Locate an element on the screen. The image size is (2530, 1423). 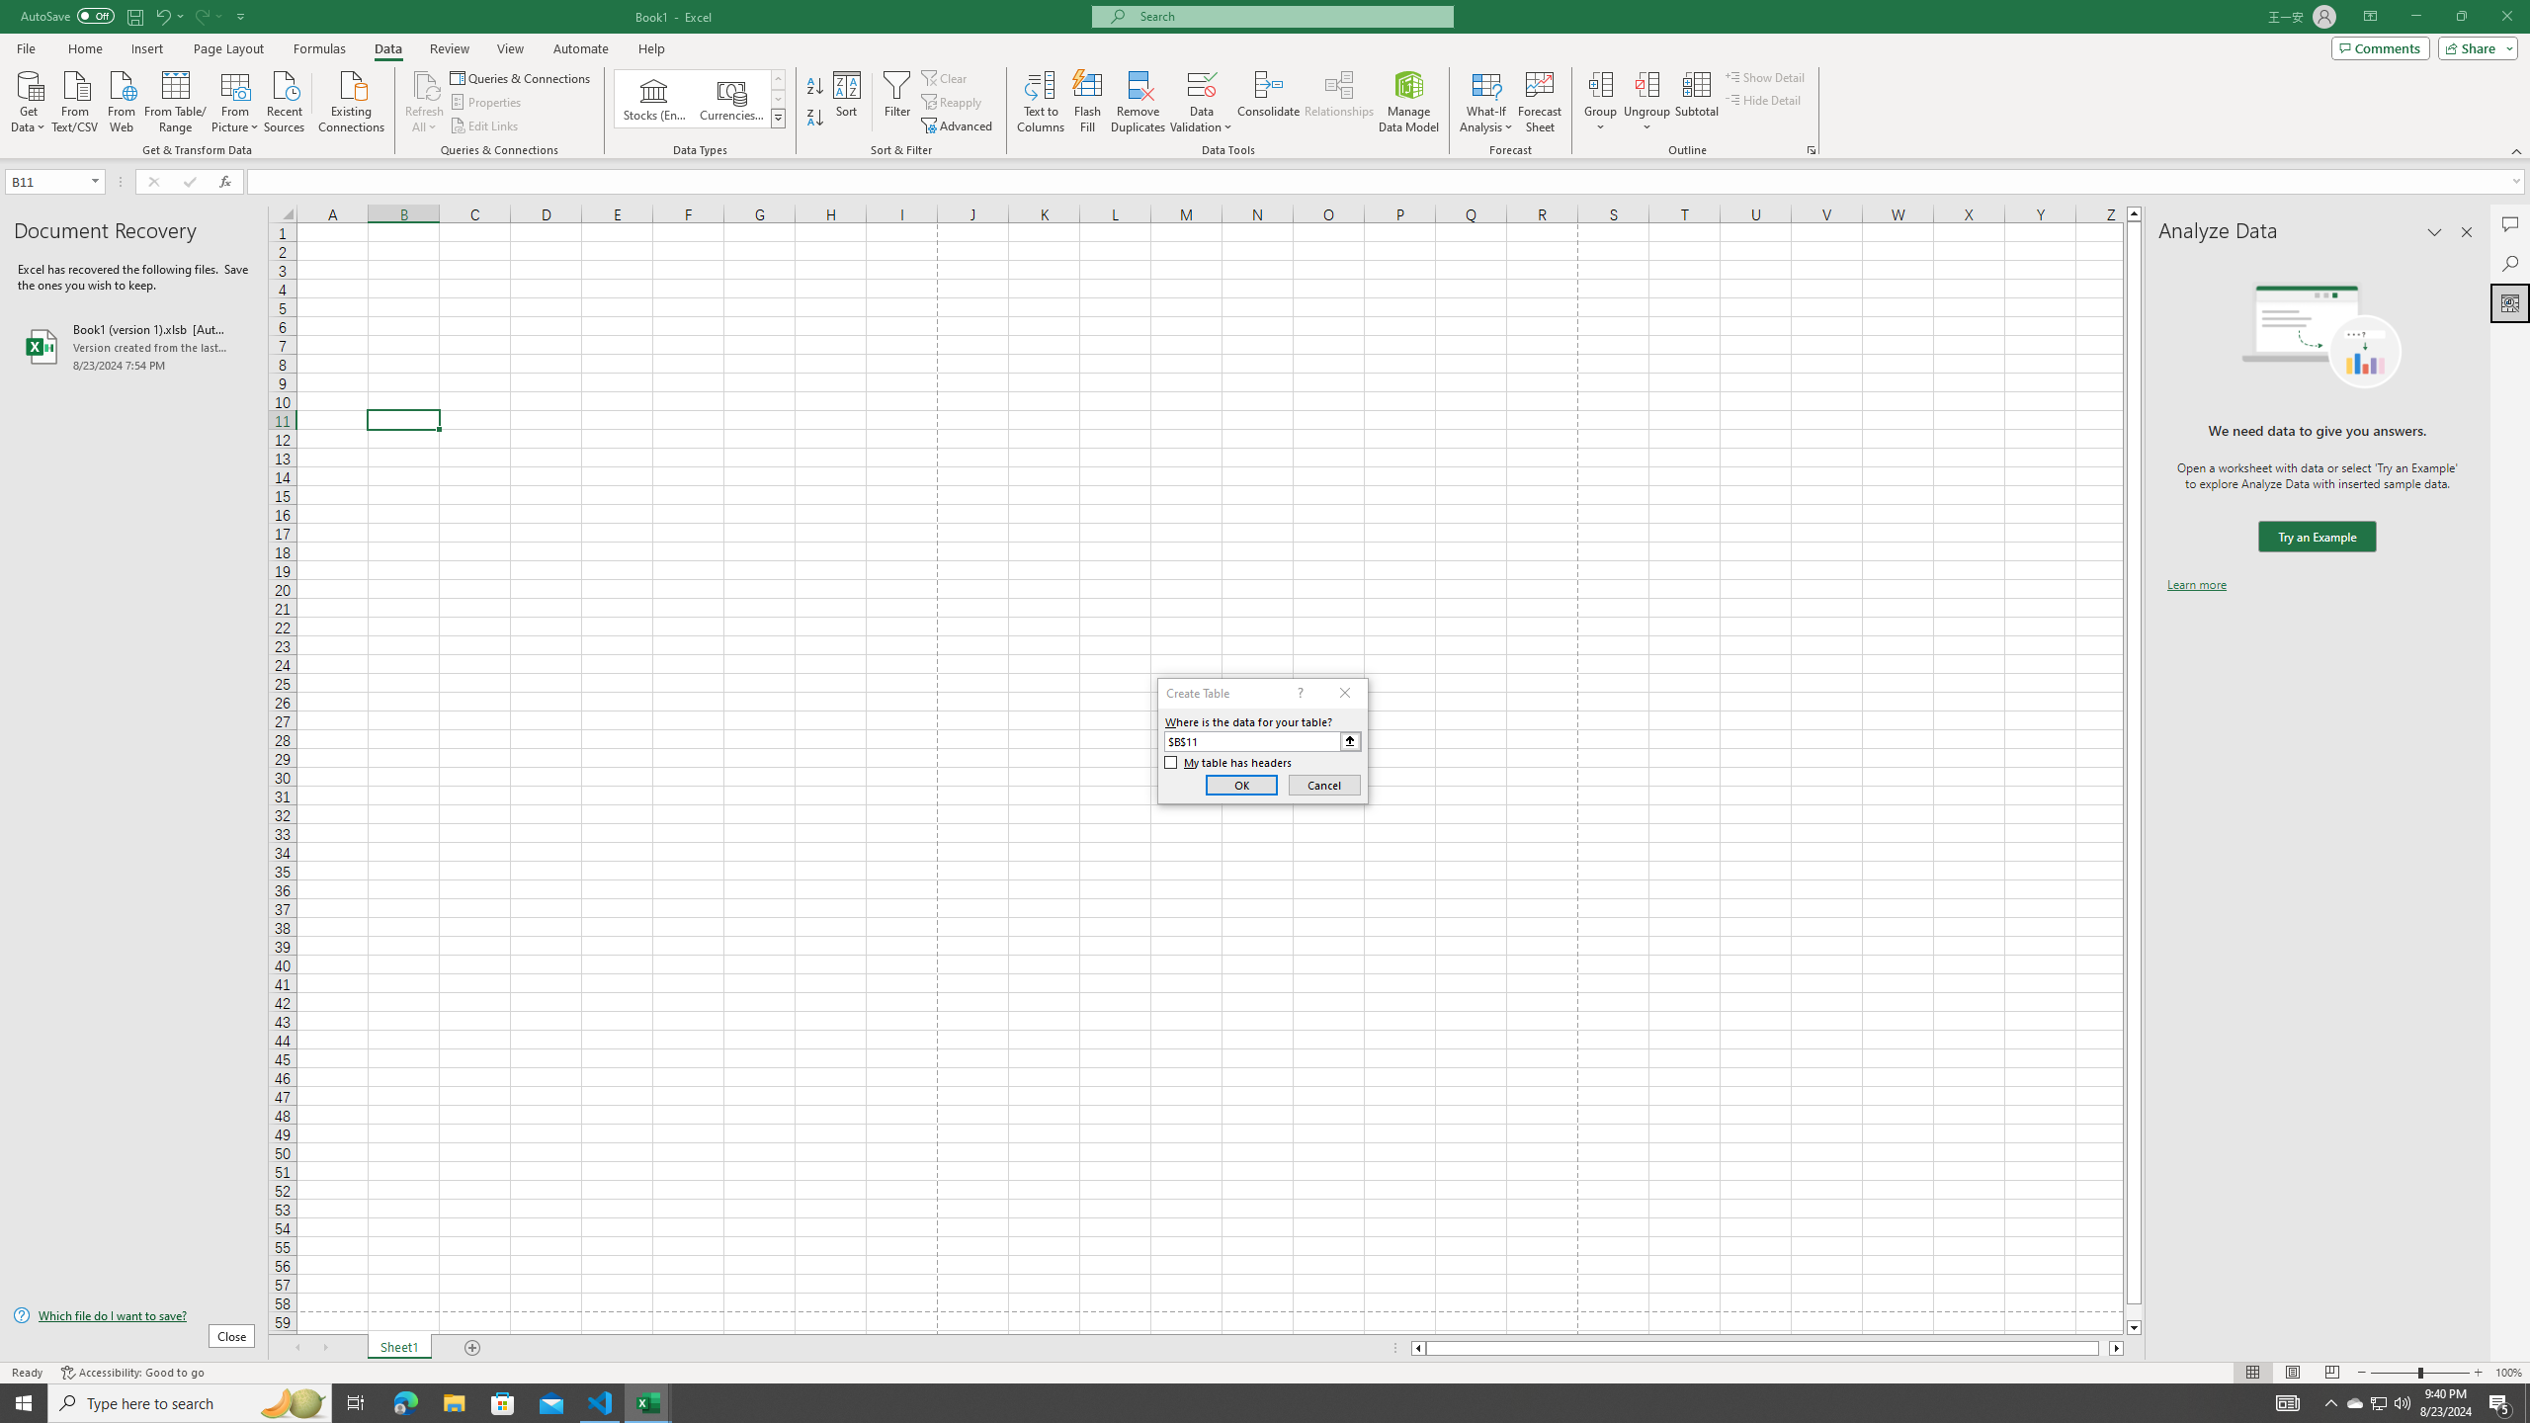
'Filter' is located at coordinates (895, 102).